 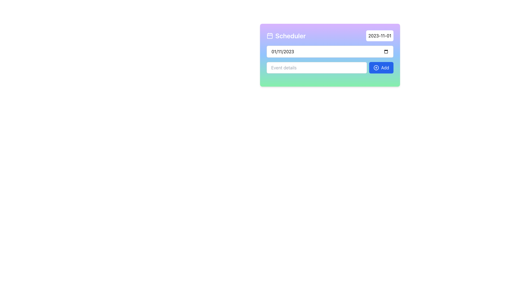 I want to click on the circular icon that is part of the 'Add' button, located directly left of the 'Add' text in the bottom-right of the gradient background scheduler interface, so click(x=376, y=67).